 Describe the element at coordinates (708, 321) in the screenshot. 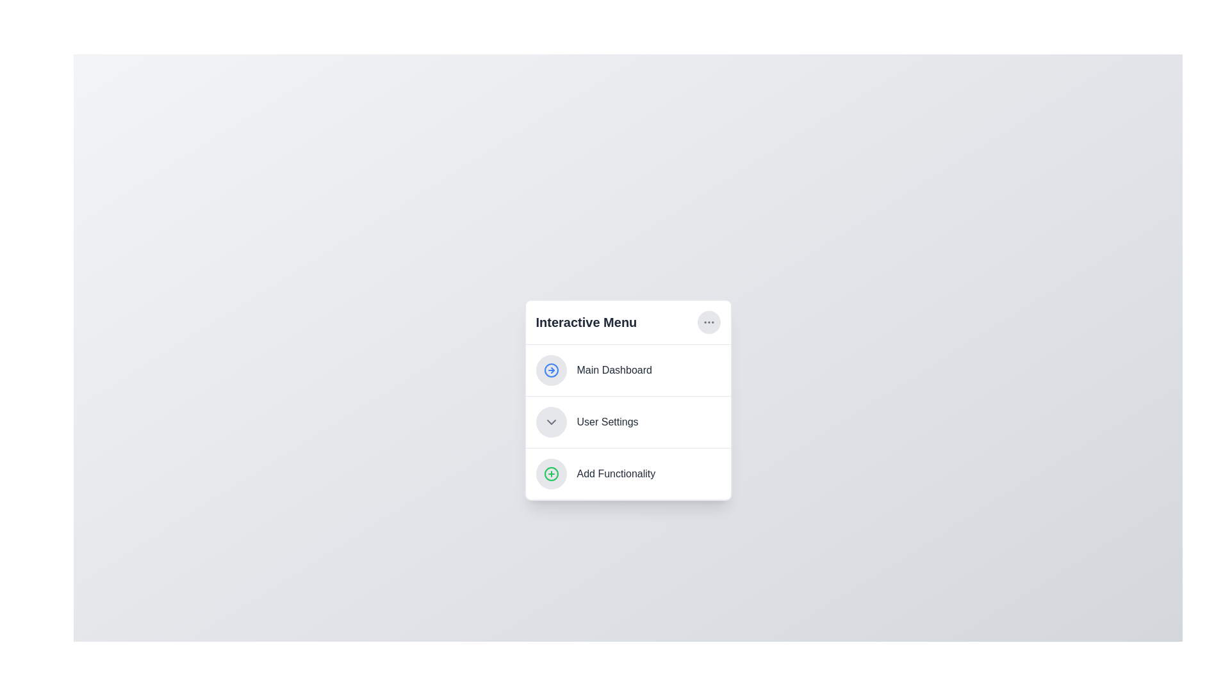

I see `menu expansion button located at the top-right corner of the menu header` at that location.